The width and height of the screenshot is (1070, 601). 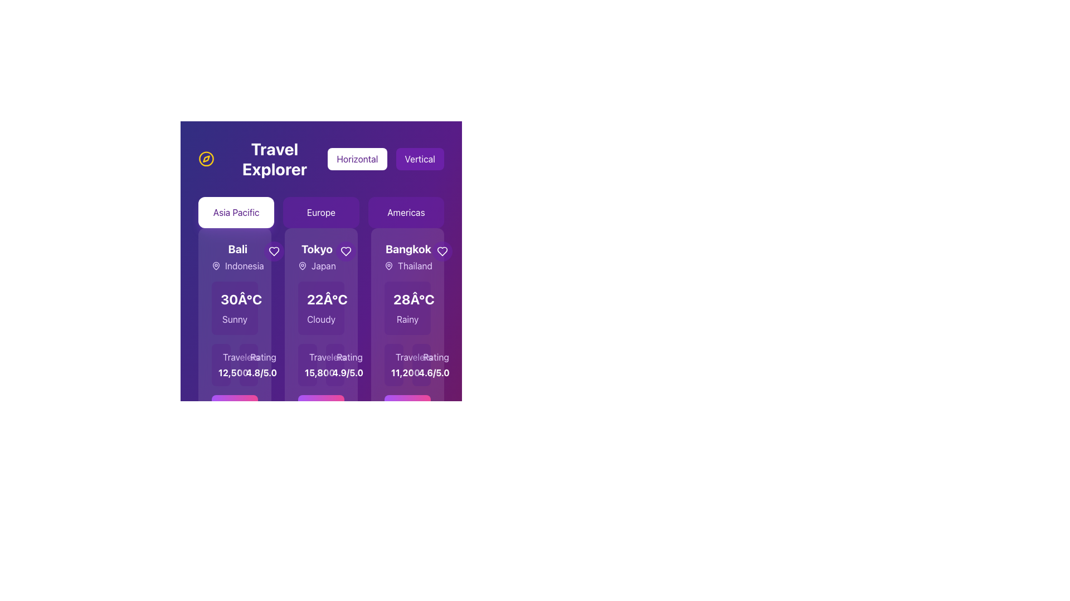 What do you see at coordinates (320, 159) in the screenshot?
I see `the 'Travel Explorer' text in the Header bar with toggle buttons, which features bold white text on a purple gradient background` at bounding box center [320, 159].